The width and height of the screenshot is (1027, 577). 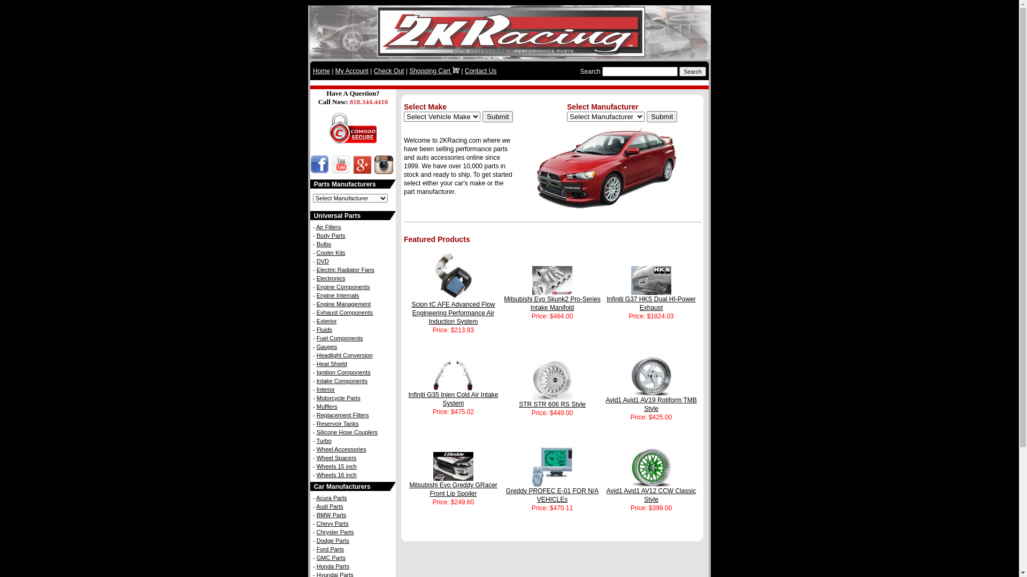 What do you see at coordinates (693, 72) in the screenshot?
I see `'Search'` at bounding box center [693, 72].